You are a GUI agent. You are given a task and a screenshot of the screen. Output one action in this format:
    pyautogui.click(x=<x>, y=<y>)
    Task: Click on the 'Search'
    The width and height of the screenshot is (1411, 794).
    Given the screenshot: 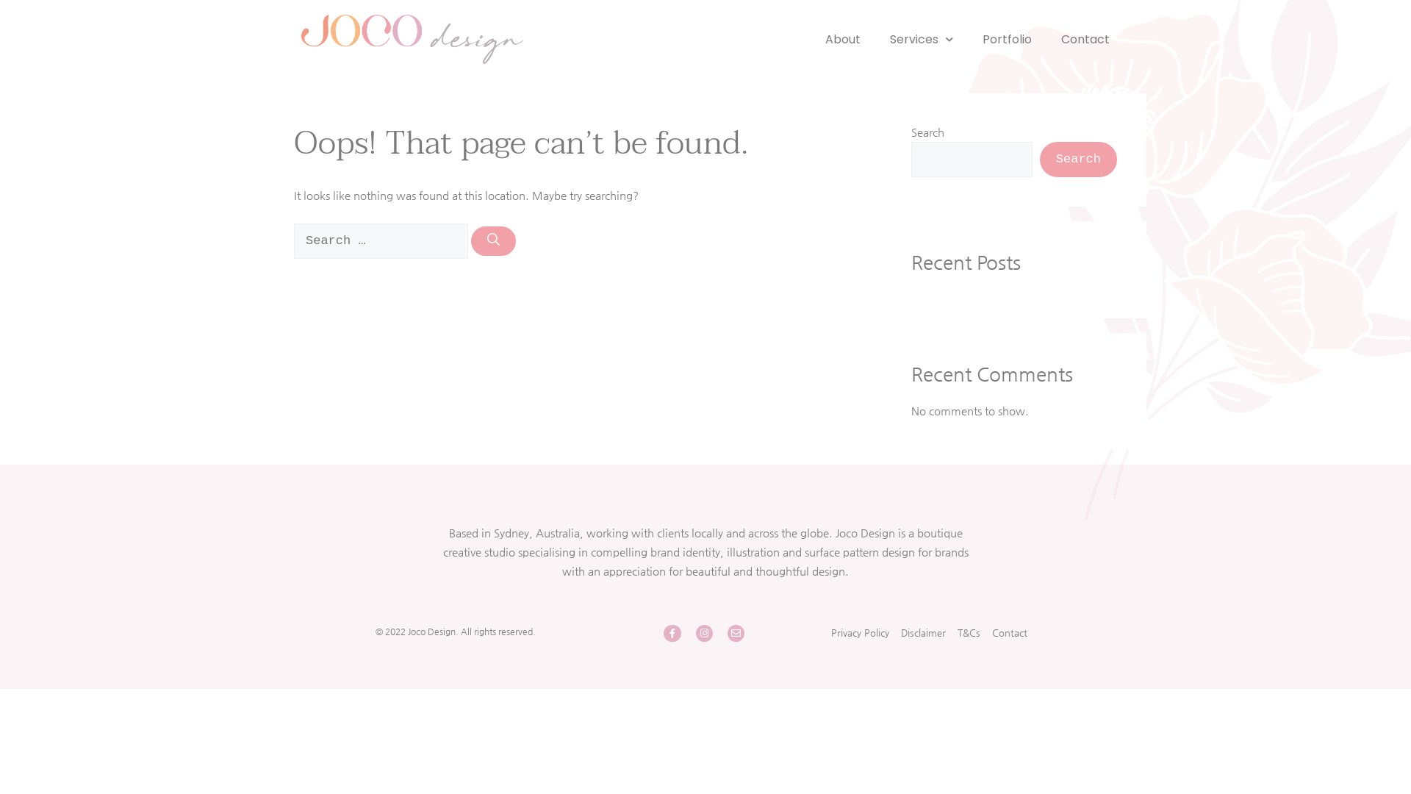 What is the action you would take?
    pyautogui.click(x=1078, y=159)
    